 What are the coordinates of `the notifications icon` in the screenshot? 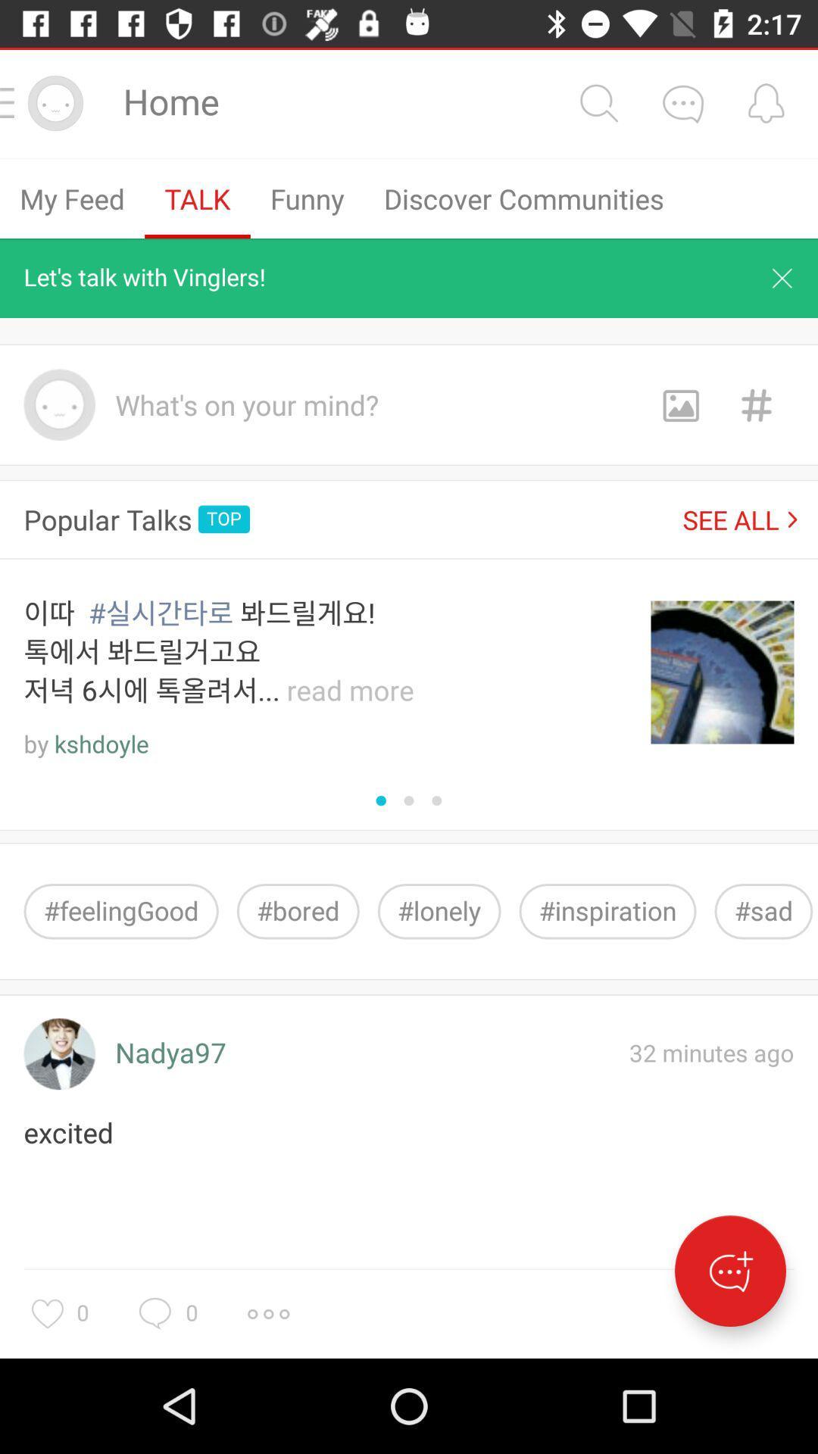 It's located at (766, 102).